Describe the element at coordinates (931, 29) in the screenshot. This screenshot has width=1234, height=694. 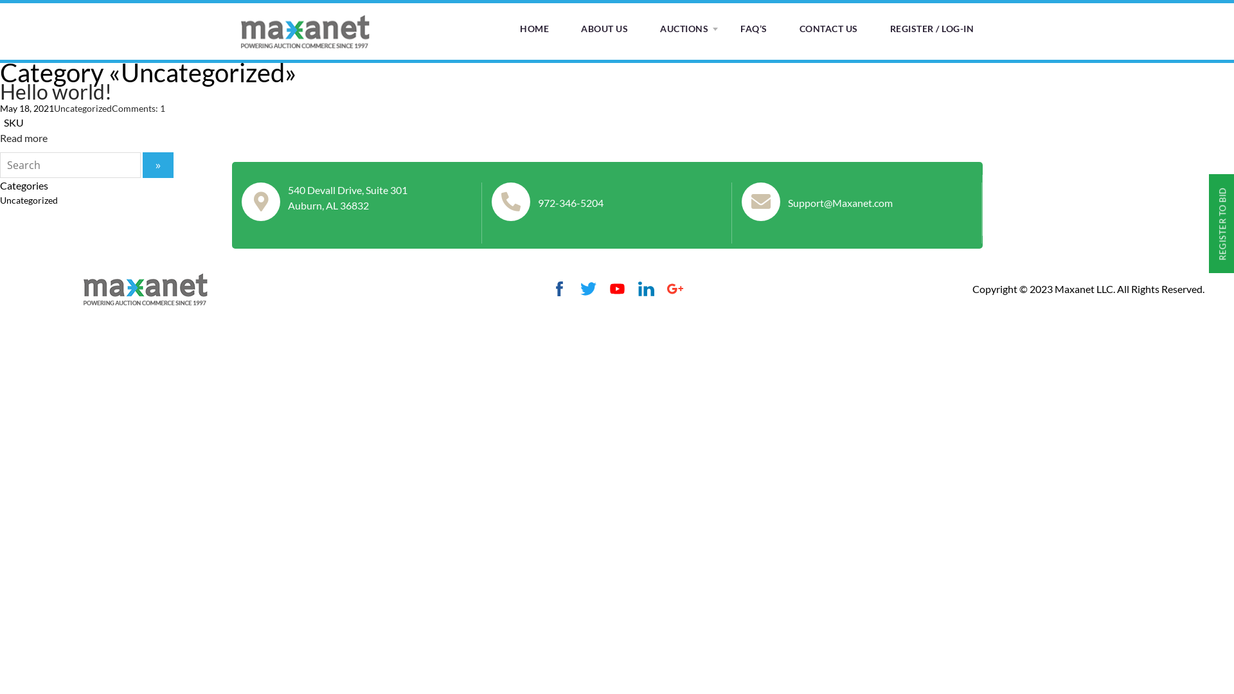
I see `'REGISTER / LOG-IN'` at that location.